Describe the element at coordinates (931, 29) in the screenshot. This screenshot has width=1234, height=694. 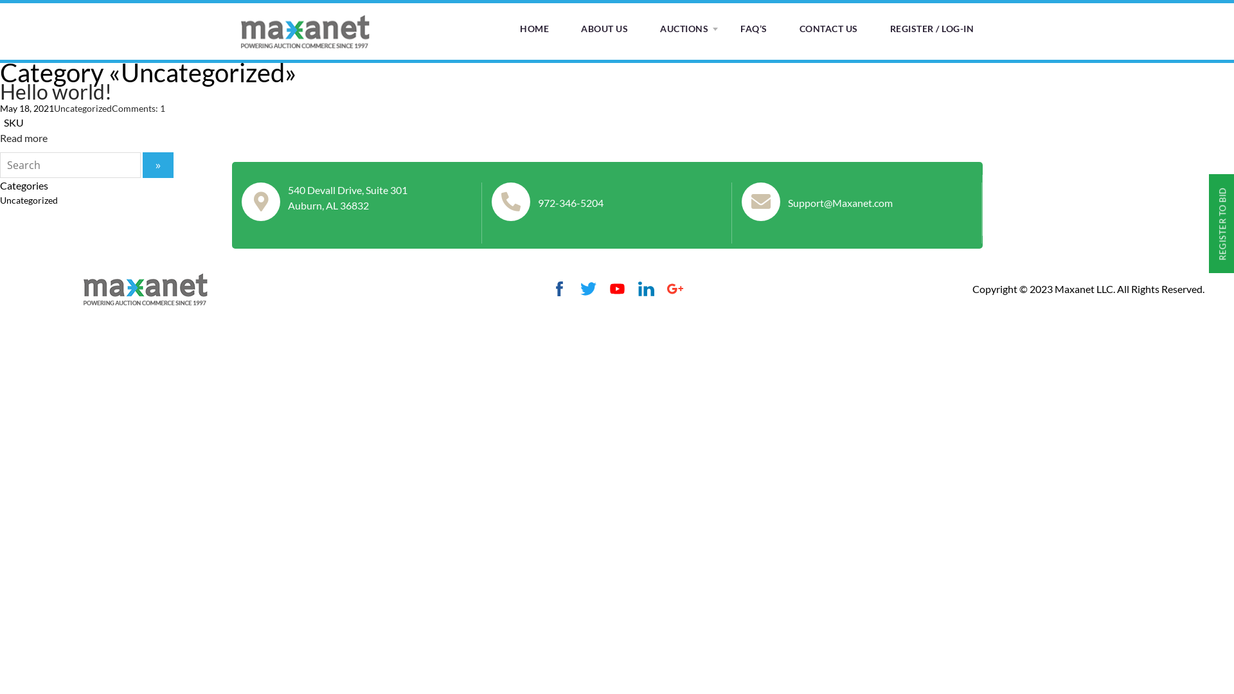
I see `'REGISTER / LOG-IN'` at that location.